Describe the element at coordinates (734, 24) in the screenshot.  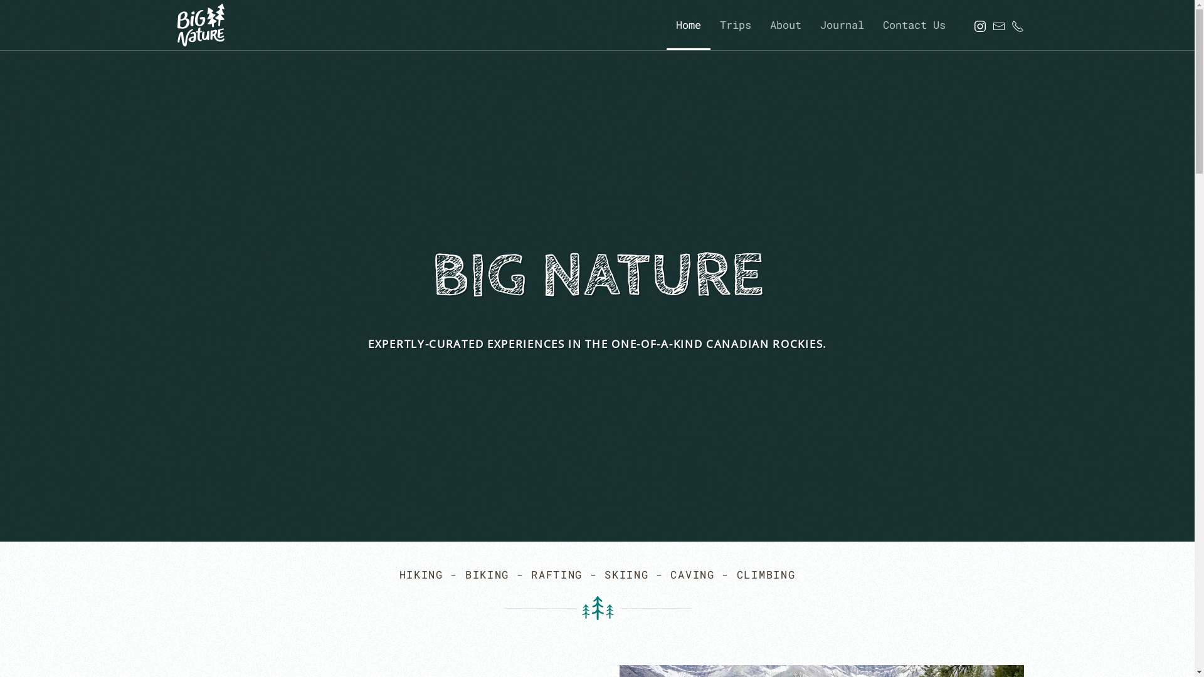
I see `'Trips'` at that location.